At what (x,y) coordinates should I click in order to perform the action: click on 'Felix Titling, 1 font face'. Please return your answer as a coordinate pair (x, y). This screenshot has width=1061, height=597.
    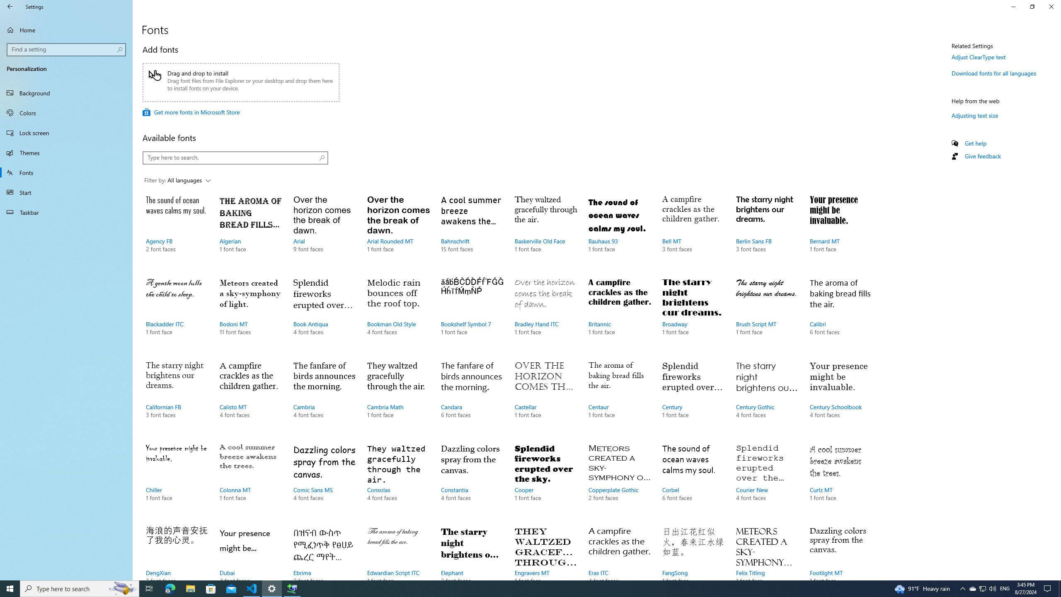
    Looking at the image, I should click on (767, 551).